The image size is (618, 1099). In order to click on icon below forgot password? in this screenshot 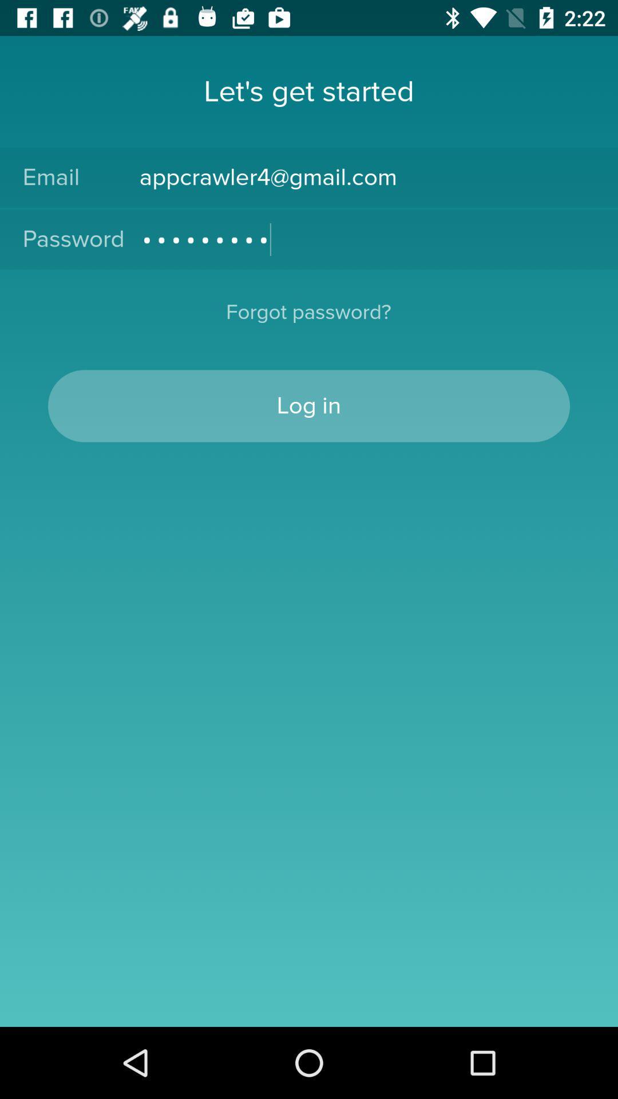, I will do `click(309, 406)`.